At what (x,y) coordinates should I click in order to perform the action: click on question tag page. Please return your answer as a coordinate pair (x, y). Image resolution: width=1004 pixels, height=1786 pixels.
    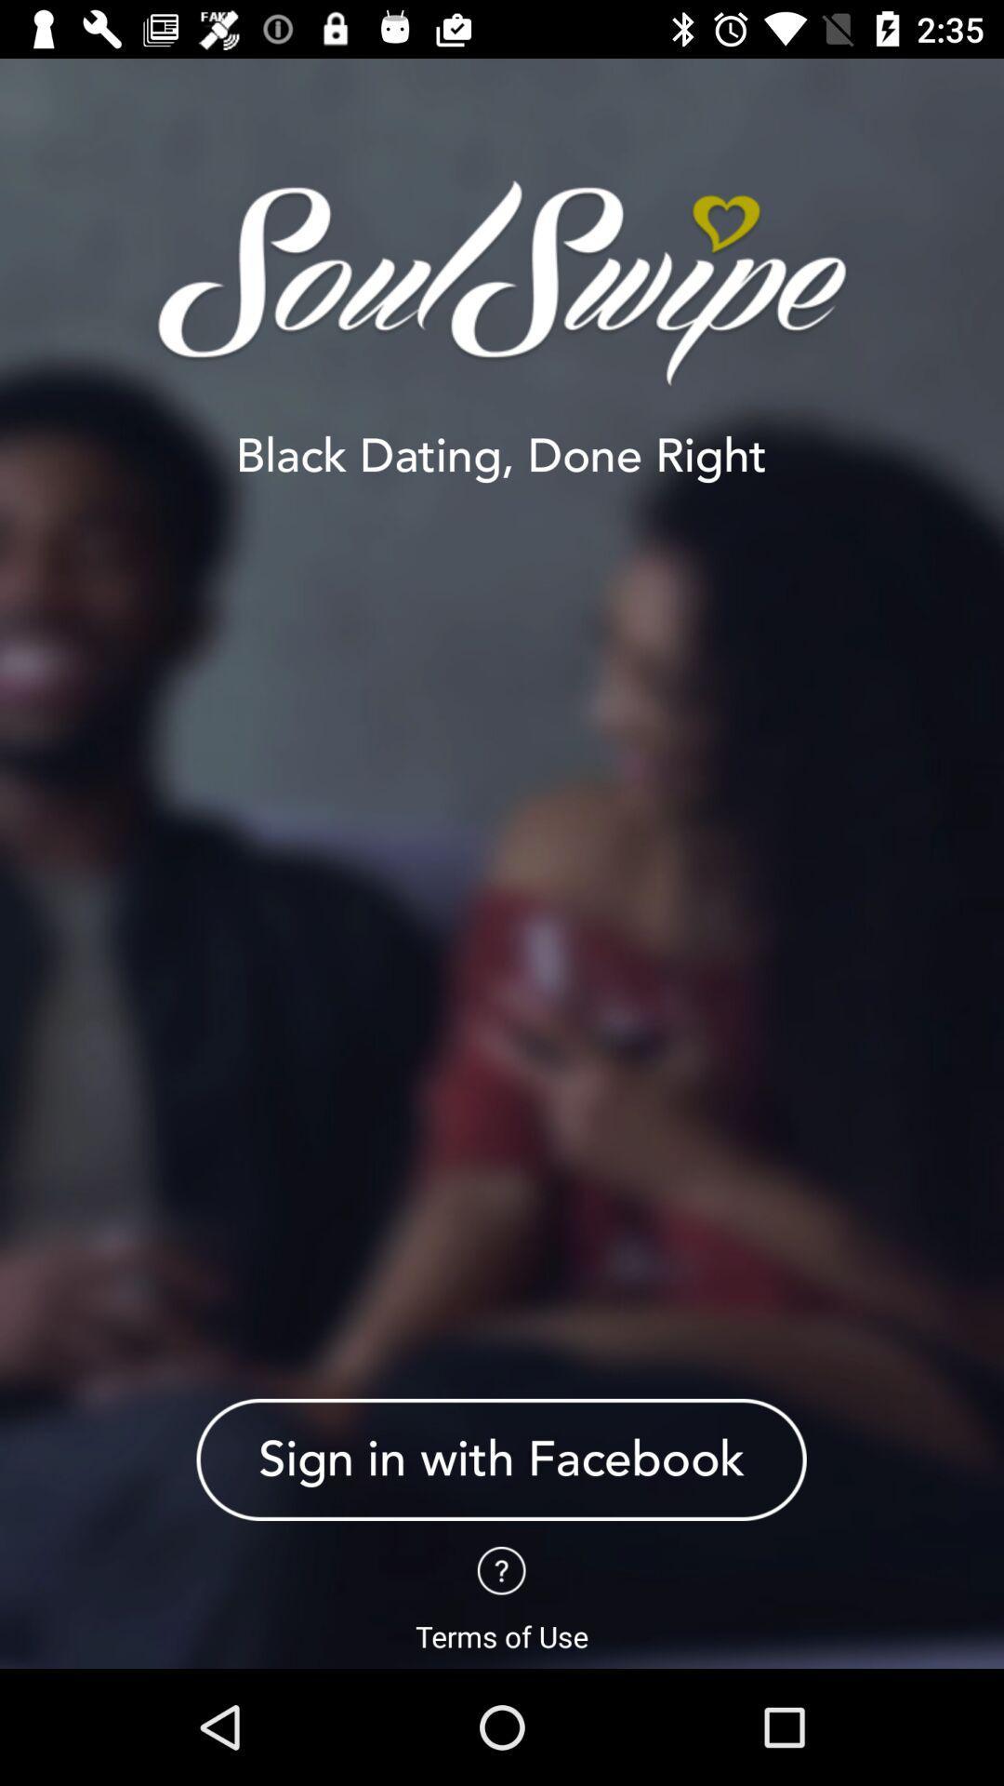
    Looking at the image, I should click on (500, 1569).